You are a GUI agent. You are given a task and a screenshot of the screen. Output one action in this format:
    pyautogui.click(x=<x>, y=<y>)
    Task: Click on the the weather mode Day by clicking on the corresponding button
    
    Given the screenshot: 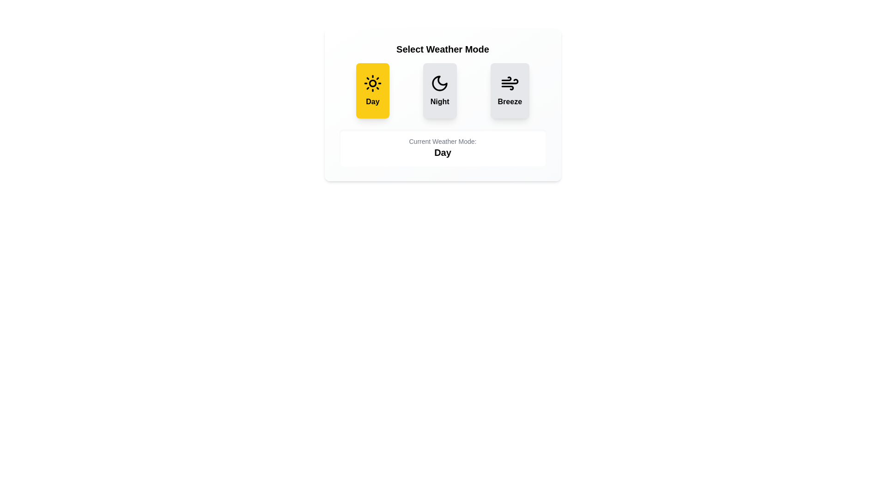 What is the action you would take?
    pyautogui.click(x=372, y=90)
    